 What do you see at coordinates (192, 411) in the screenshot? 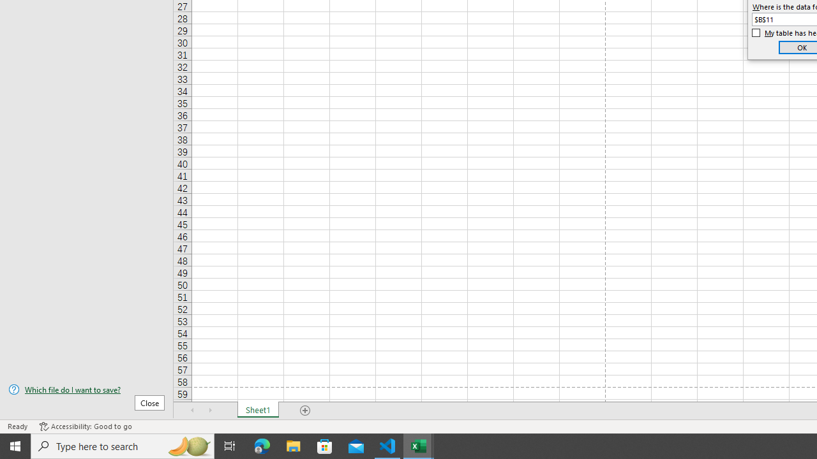
I see `'Scroll Left'` at bounding box center [192, 411].